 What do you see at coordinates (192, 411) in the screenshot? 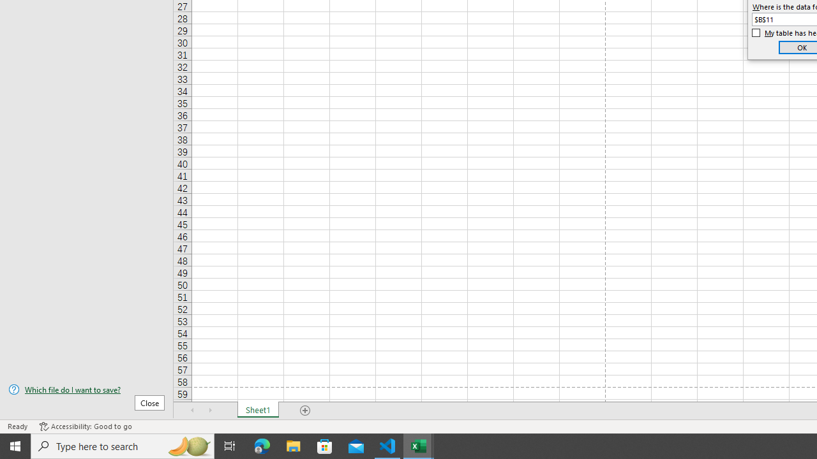
I see `'Scroll Left'` at bounding box center [192, 411].